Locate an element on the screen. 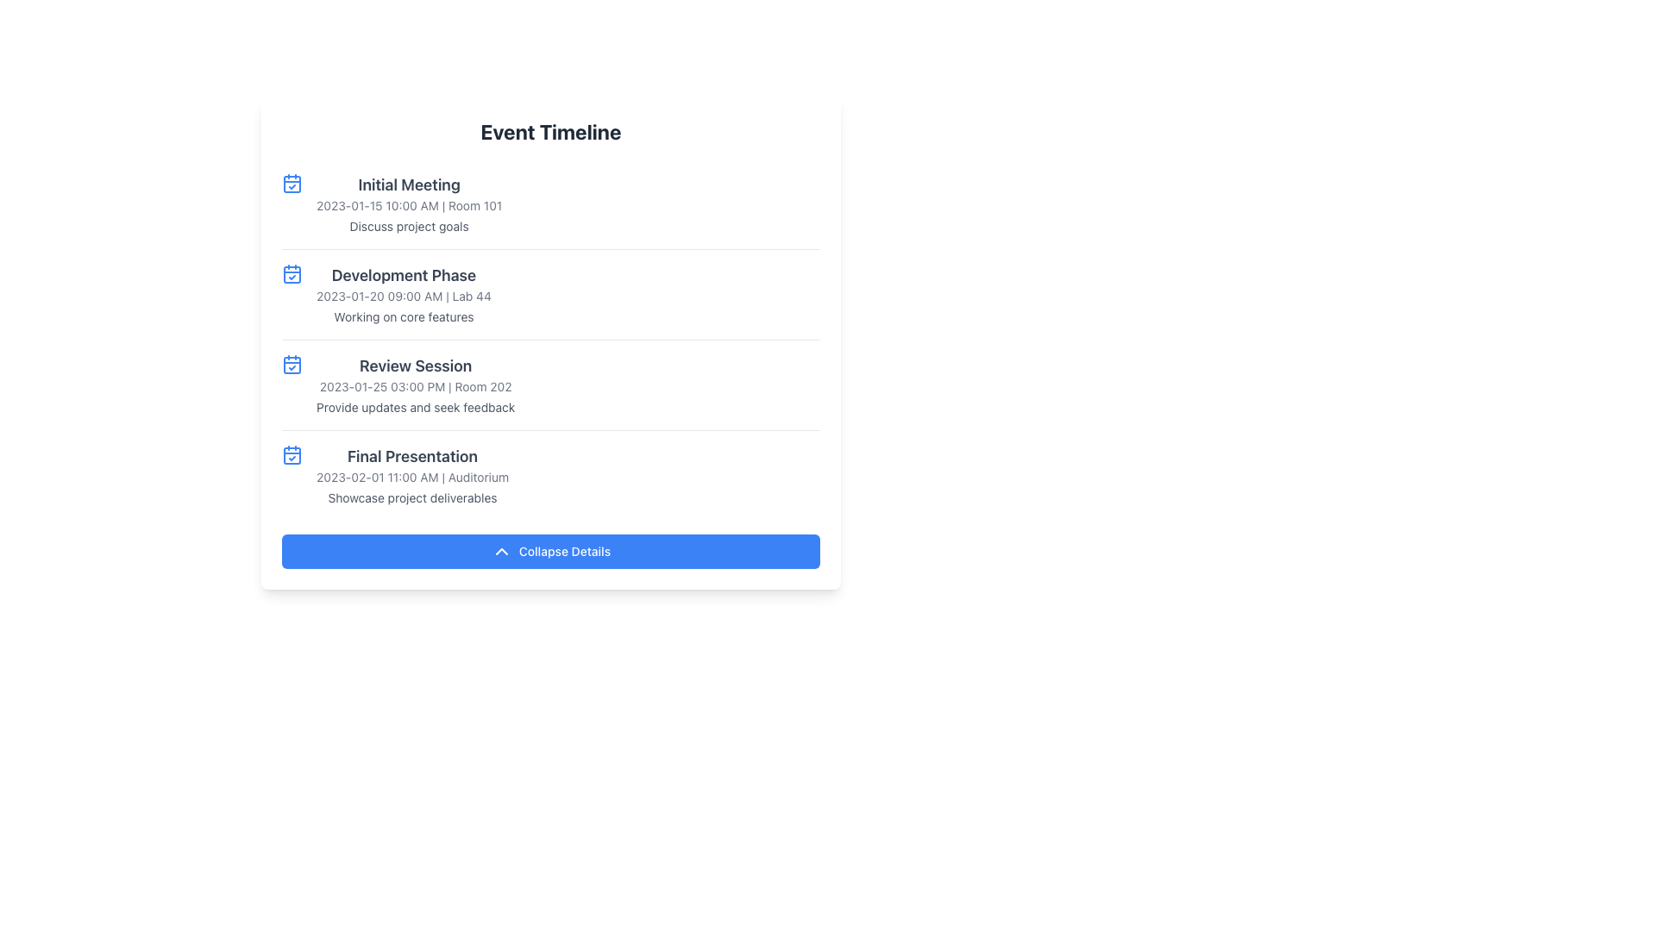 The width and height of the screenshot is (1656, 931). the second item in the 'Event Timeline' section, which details a specific phase including its title, date, time, location, and description is located at coordinates (549, 292).